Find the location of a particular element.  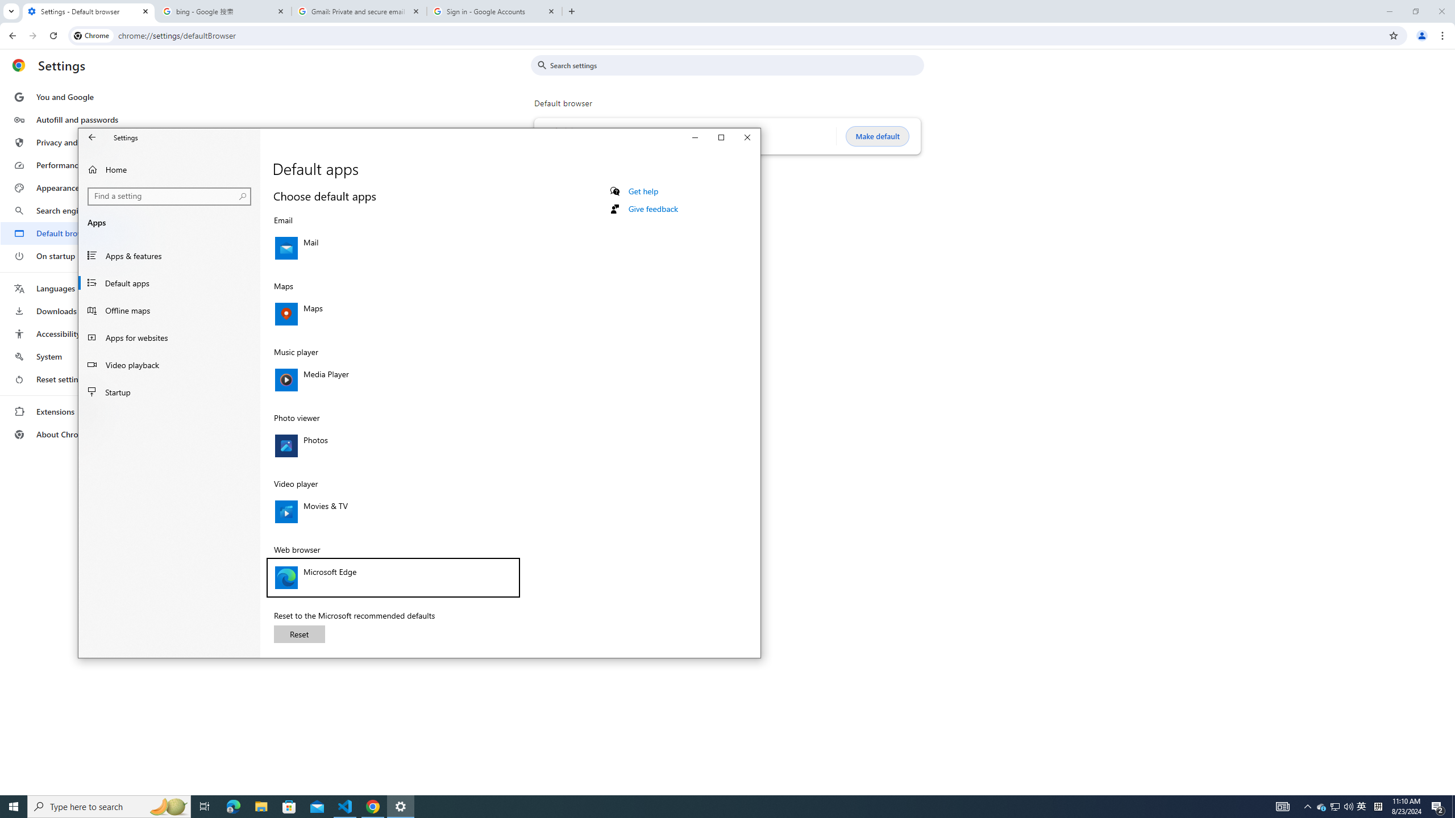

'Notification Chevron' is located at coordinates (1307, 806).